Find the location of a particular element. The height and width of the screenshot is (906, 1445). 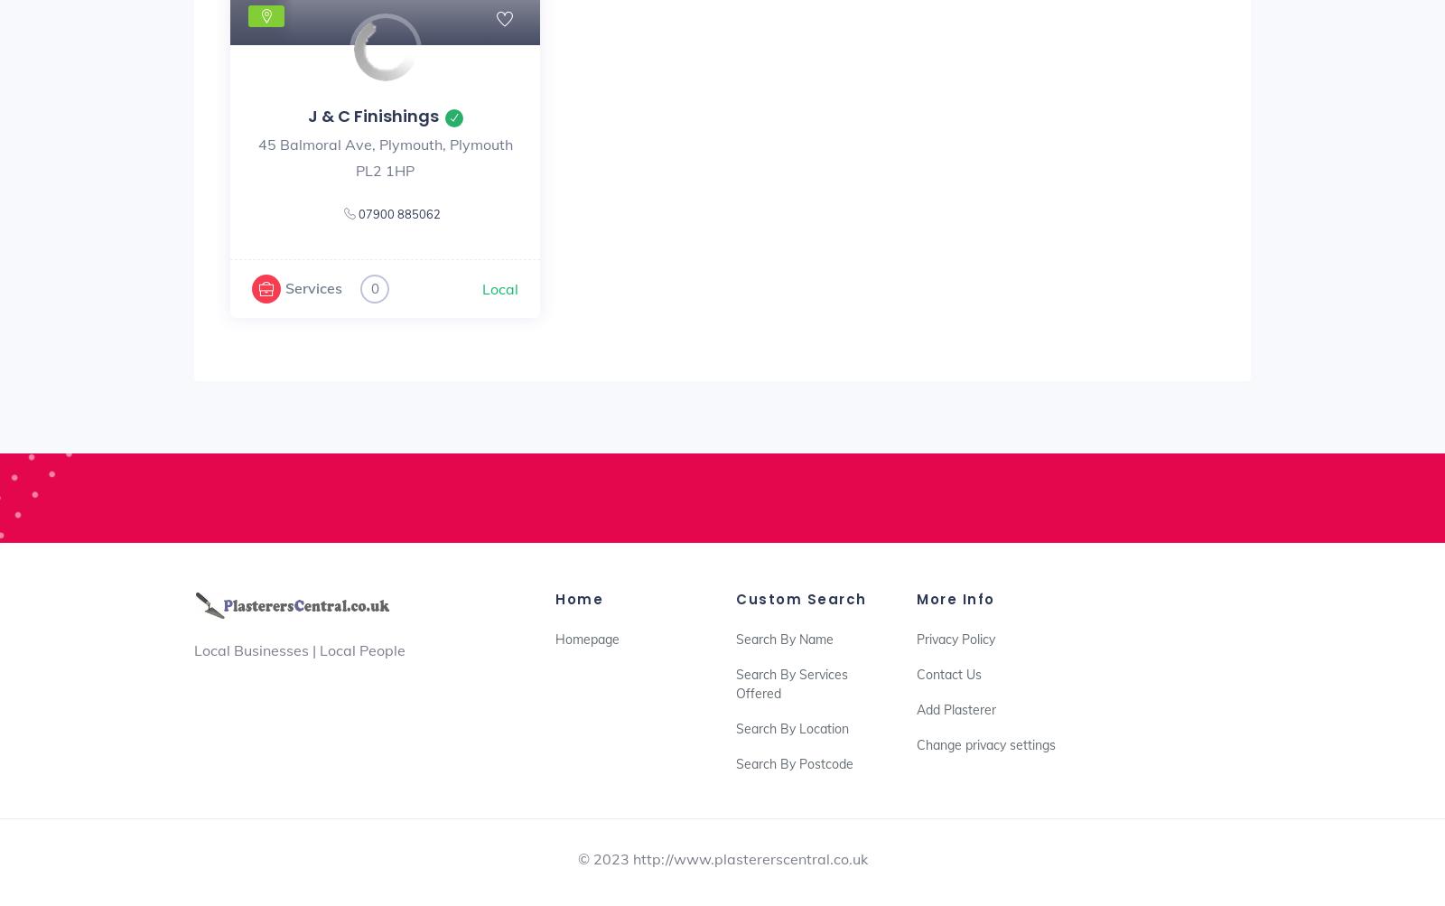

'© 2023 http://www.plastererscentral.co.uk' is located at coordinates (722, 858).